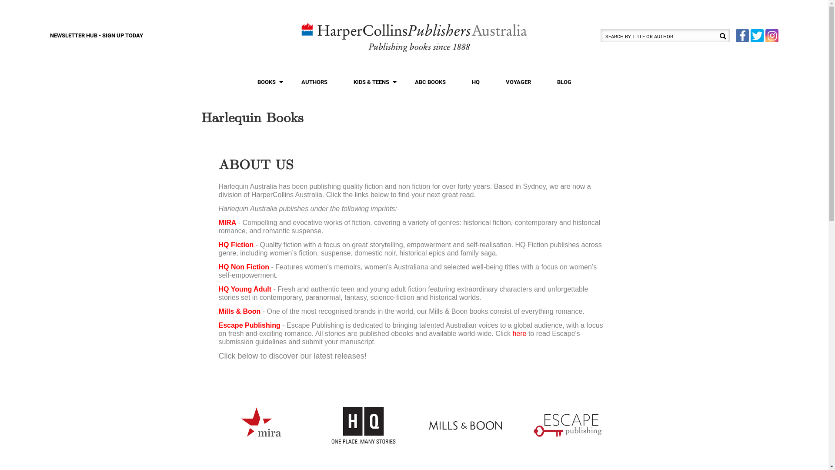 The width and height of the screenshot is (835, 470). I want to click on 'MIRA ', so click(218, 222).